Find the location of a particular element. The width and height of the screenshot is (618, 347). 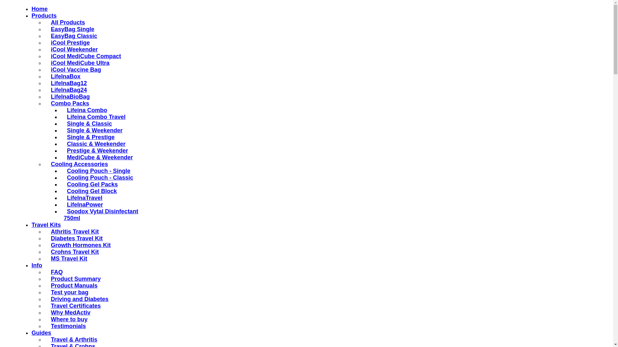

'Athritis Travel Kit' is located at coordinates (47, 232).